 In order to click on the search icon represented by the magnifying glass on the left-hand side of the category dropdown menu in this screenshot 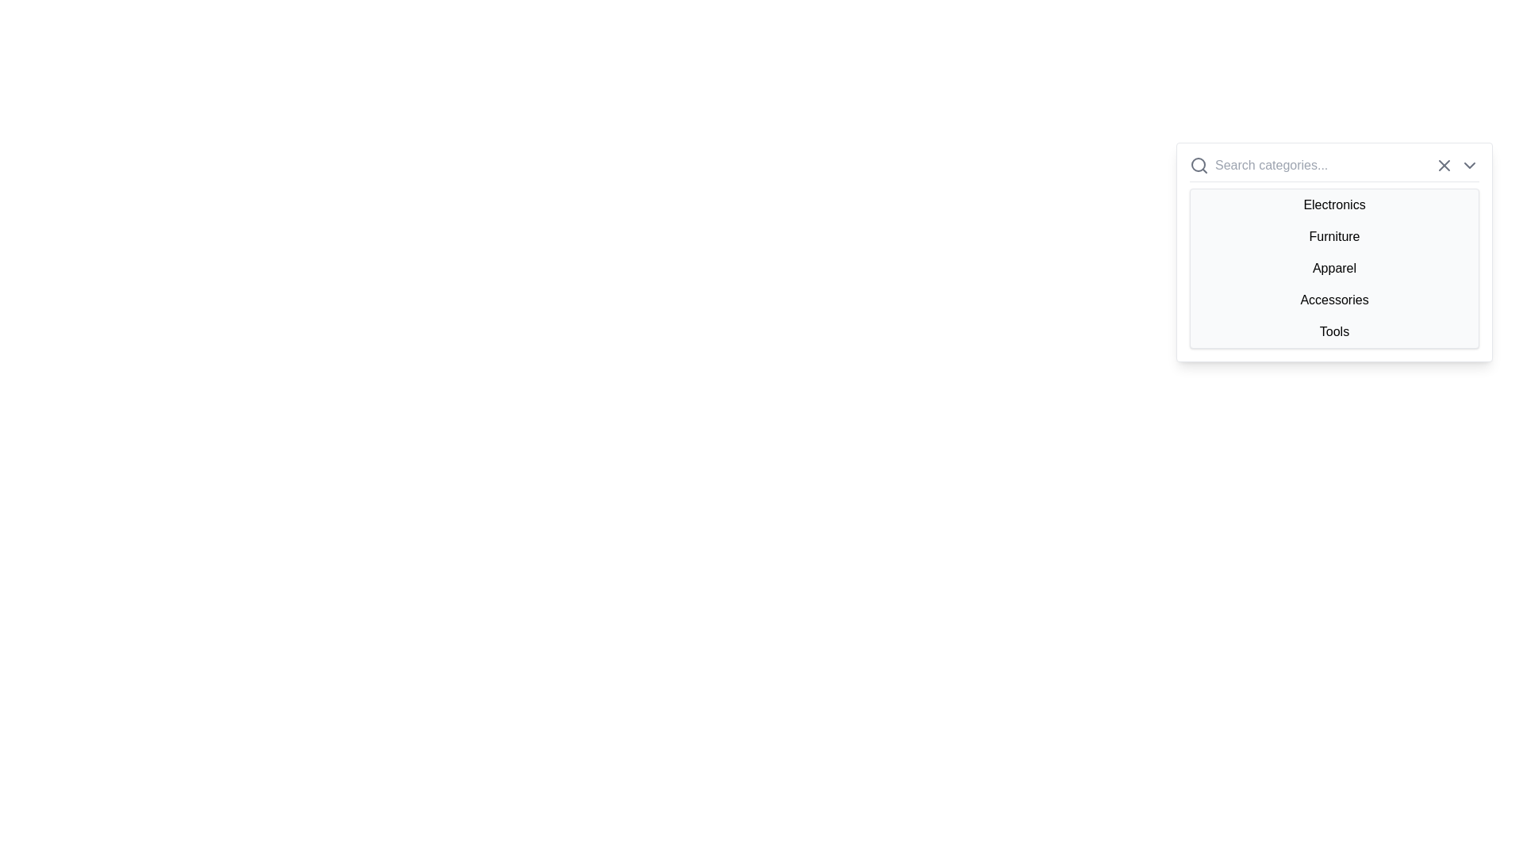, I will do `click(1199, 165)`.